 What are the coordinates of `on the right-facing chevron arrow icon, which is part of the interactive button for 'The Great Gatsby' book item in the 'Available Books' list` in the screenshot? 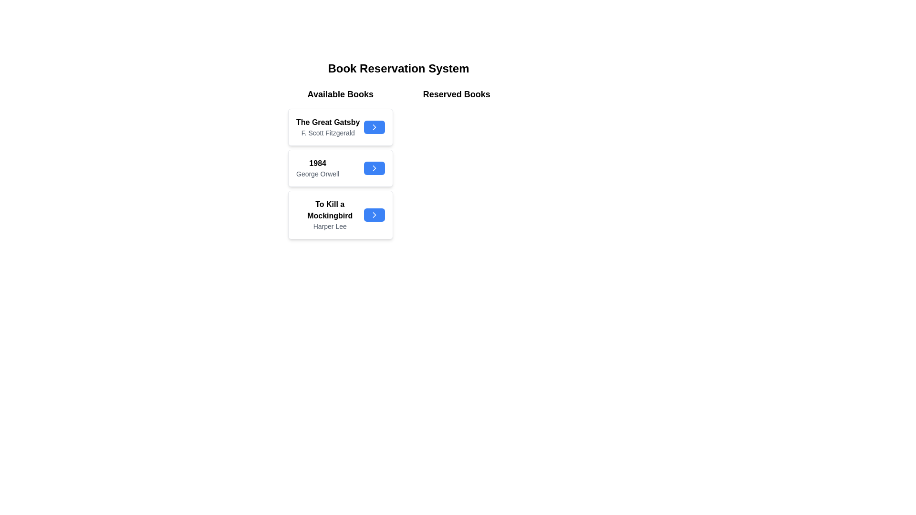 It's located at (374, 126).